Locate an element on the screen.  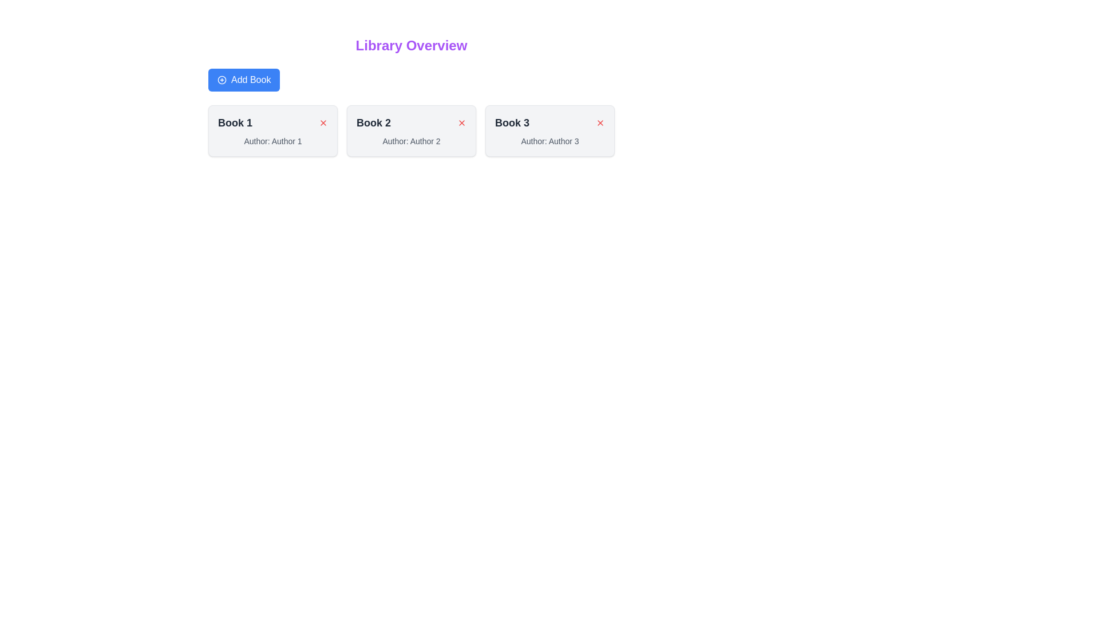
the text label that identifies the book in the second card of the 'Library Overview' section is located at coordinates (373, 123).